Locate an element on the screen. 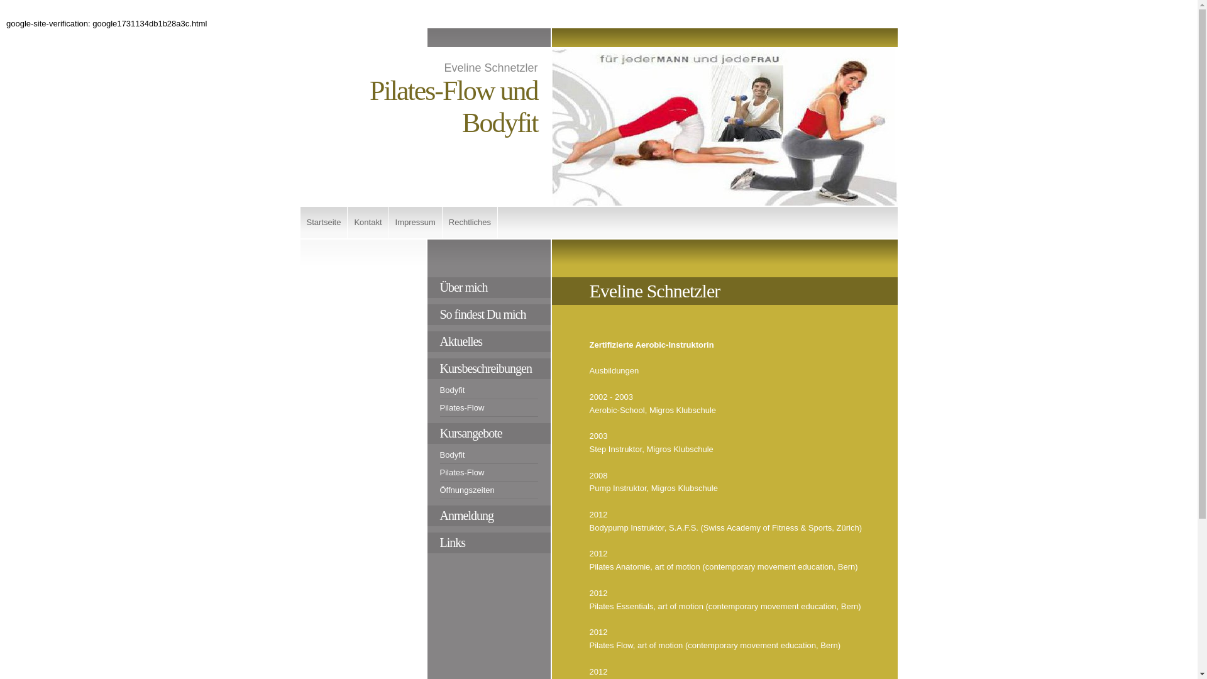 The height and width of the screenshot is (679, 1207). 'Kursbeschreibungen' is located at coordinates (488, 368).